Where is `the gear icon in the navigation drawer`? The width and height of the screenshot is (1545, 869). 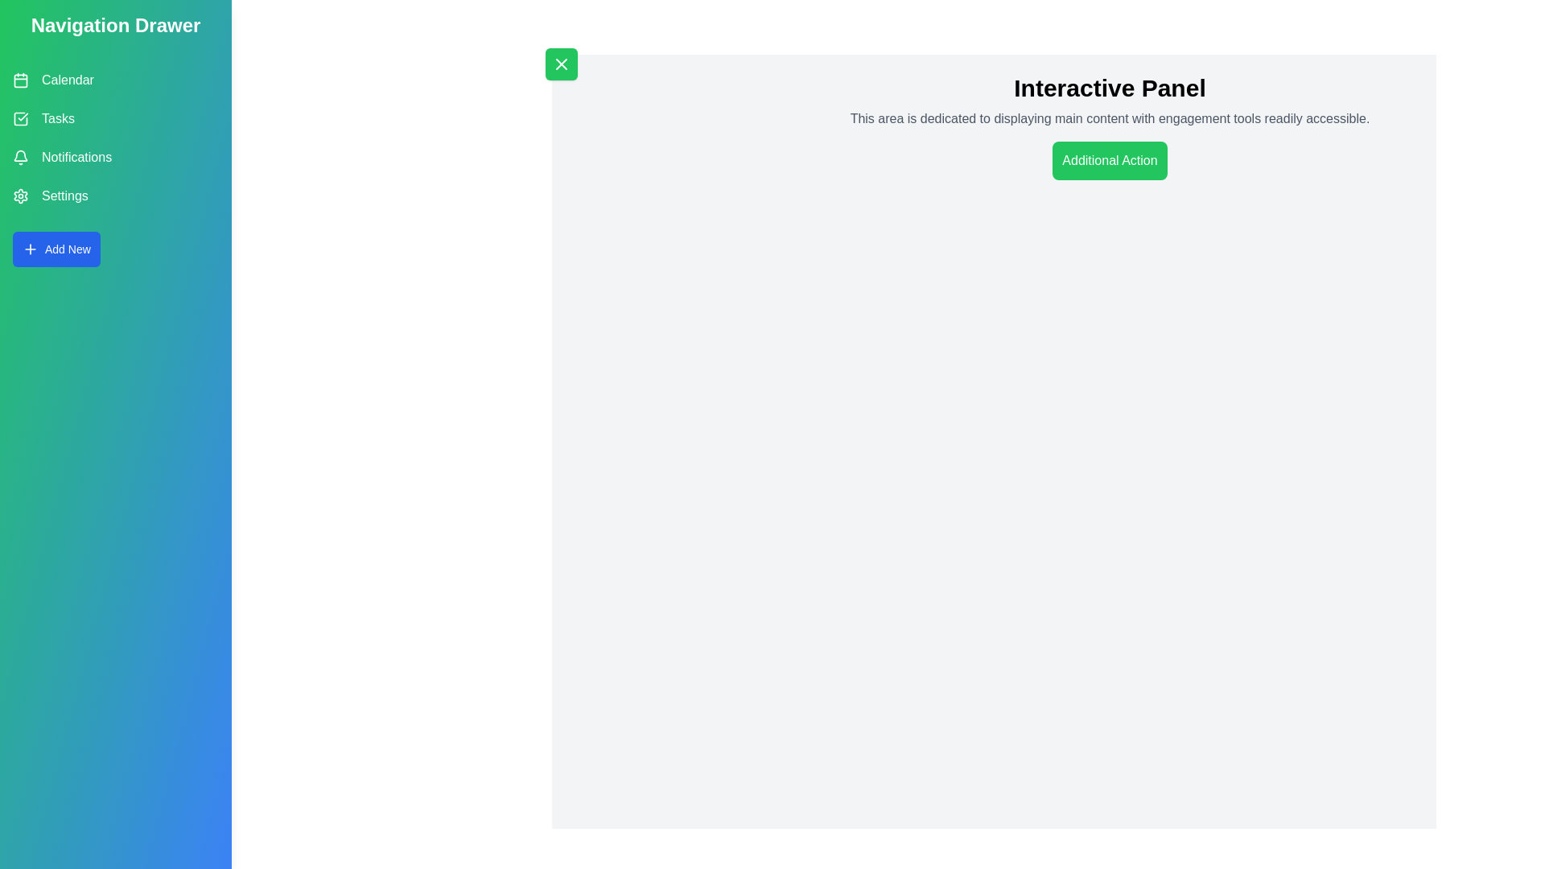 the gear icon in the navigation drawer is located at coordinates (19, 195).